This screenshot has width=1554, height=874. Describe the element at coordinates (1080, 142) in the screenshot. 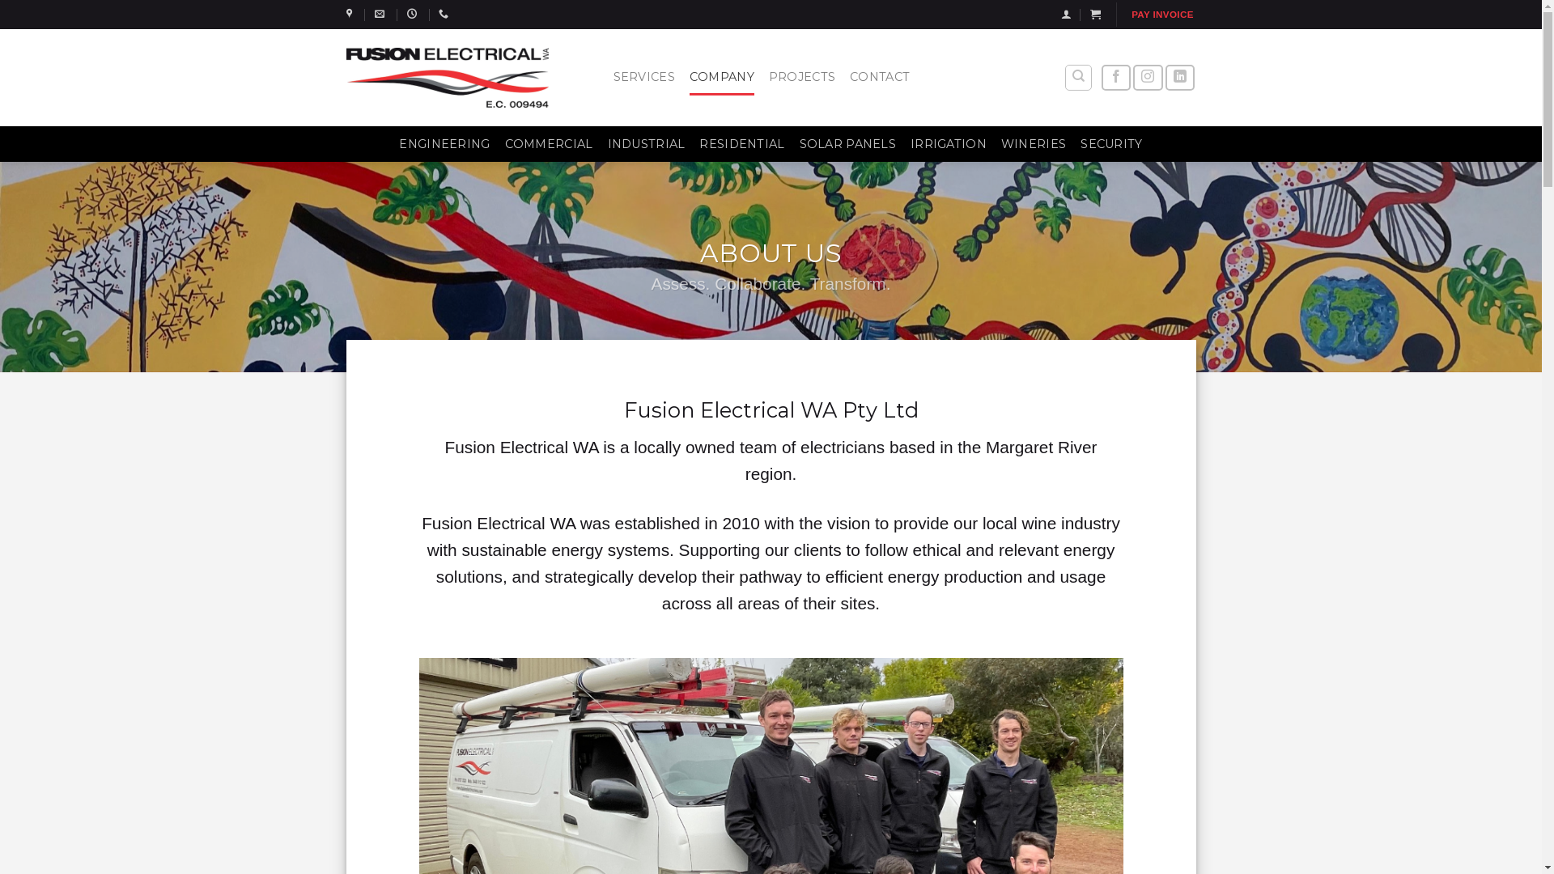

I see `'SECURITY'` at that location.